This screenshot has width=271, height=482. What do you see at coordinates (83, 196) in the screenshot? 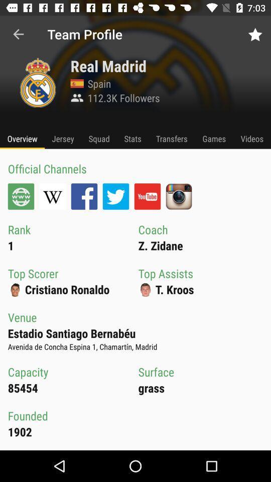
I see `the facebook icon` at bounding box center [83, 196].